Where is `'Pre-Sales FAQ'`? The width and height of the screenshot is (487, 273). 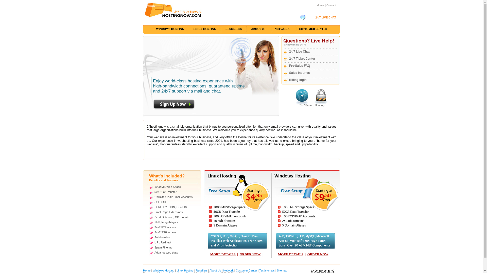
'Pre-Sales FAQ' is located at coordinates (300, 65).